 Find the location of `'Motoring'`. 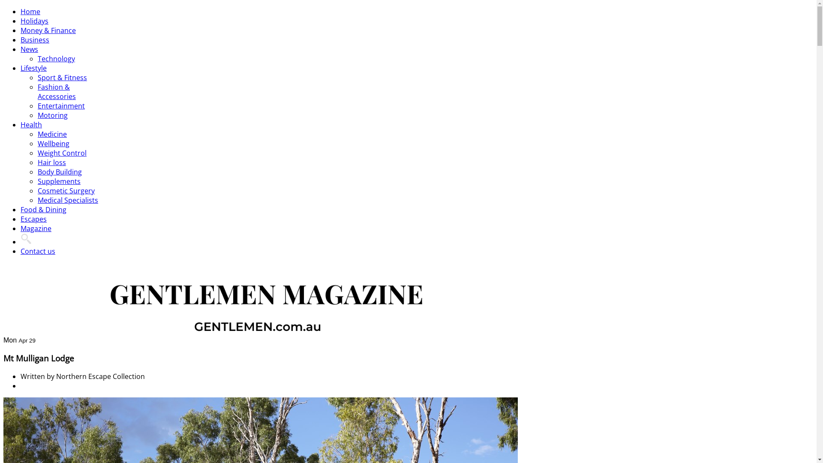

'Motoring' is located at coordinates (37, 115).